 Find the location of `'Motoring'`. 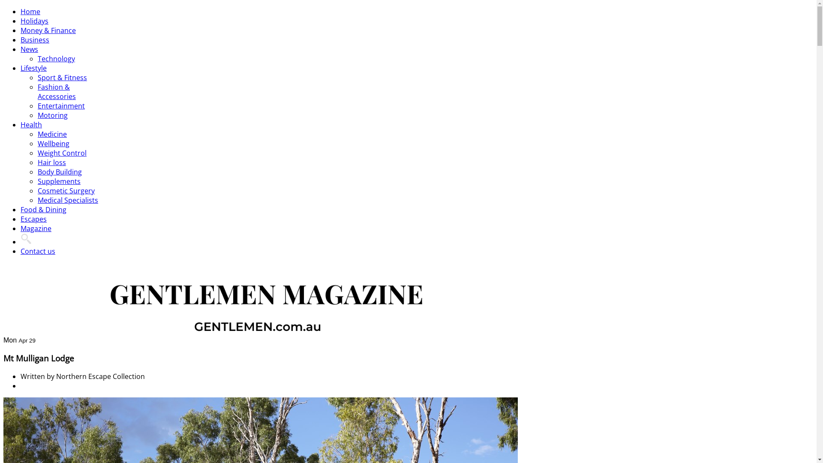

'Motoring' is located at coordinates (37, 115).